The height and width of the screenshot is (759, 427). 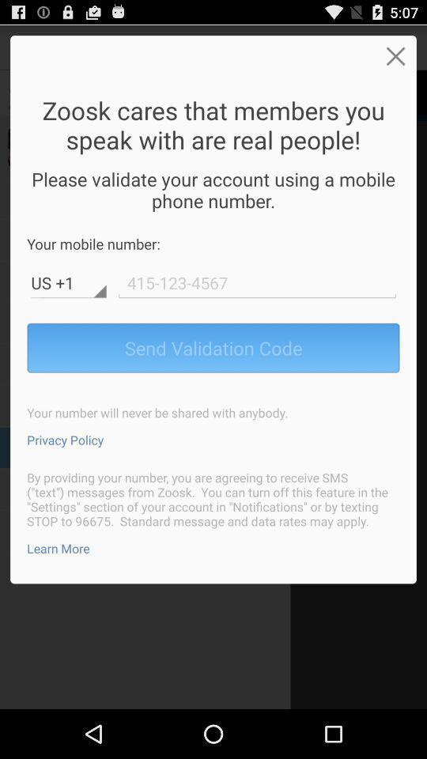 What do you see at coordinates (257, 282) in the screenshot?
I see `input phone number` at bounding box center [257, 282].